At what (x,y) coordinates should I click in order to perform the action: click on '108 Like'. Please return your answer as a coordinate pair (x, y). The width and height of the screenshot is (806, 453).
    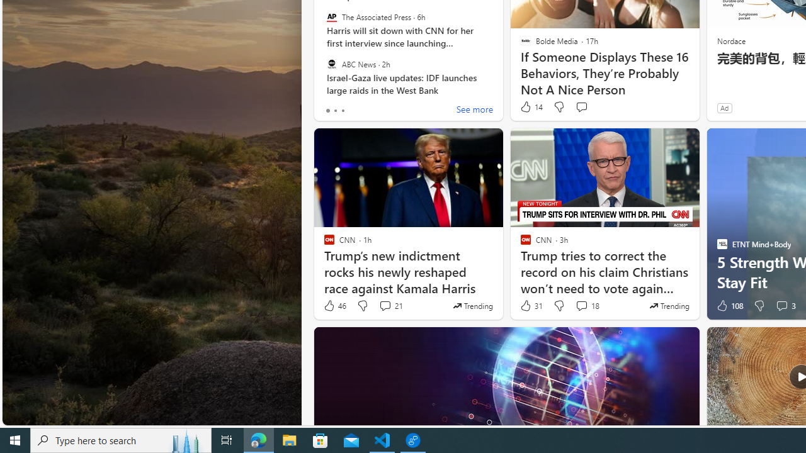
    Looking at the image, I should click on (729, 306).